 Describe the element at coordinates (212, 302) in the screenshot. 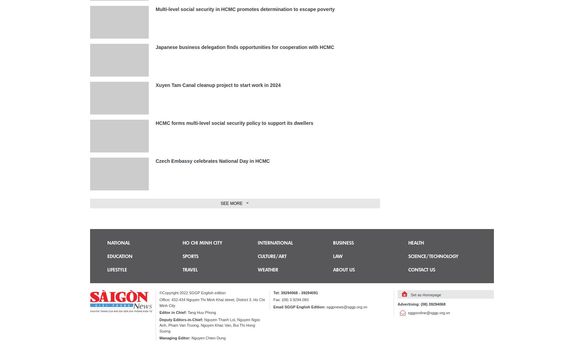

I see `'Office: 432-434 Nguyen Thi Minh Khai street, District 3, Ho Chi Minh City'` at that location.